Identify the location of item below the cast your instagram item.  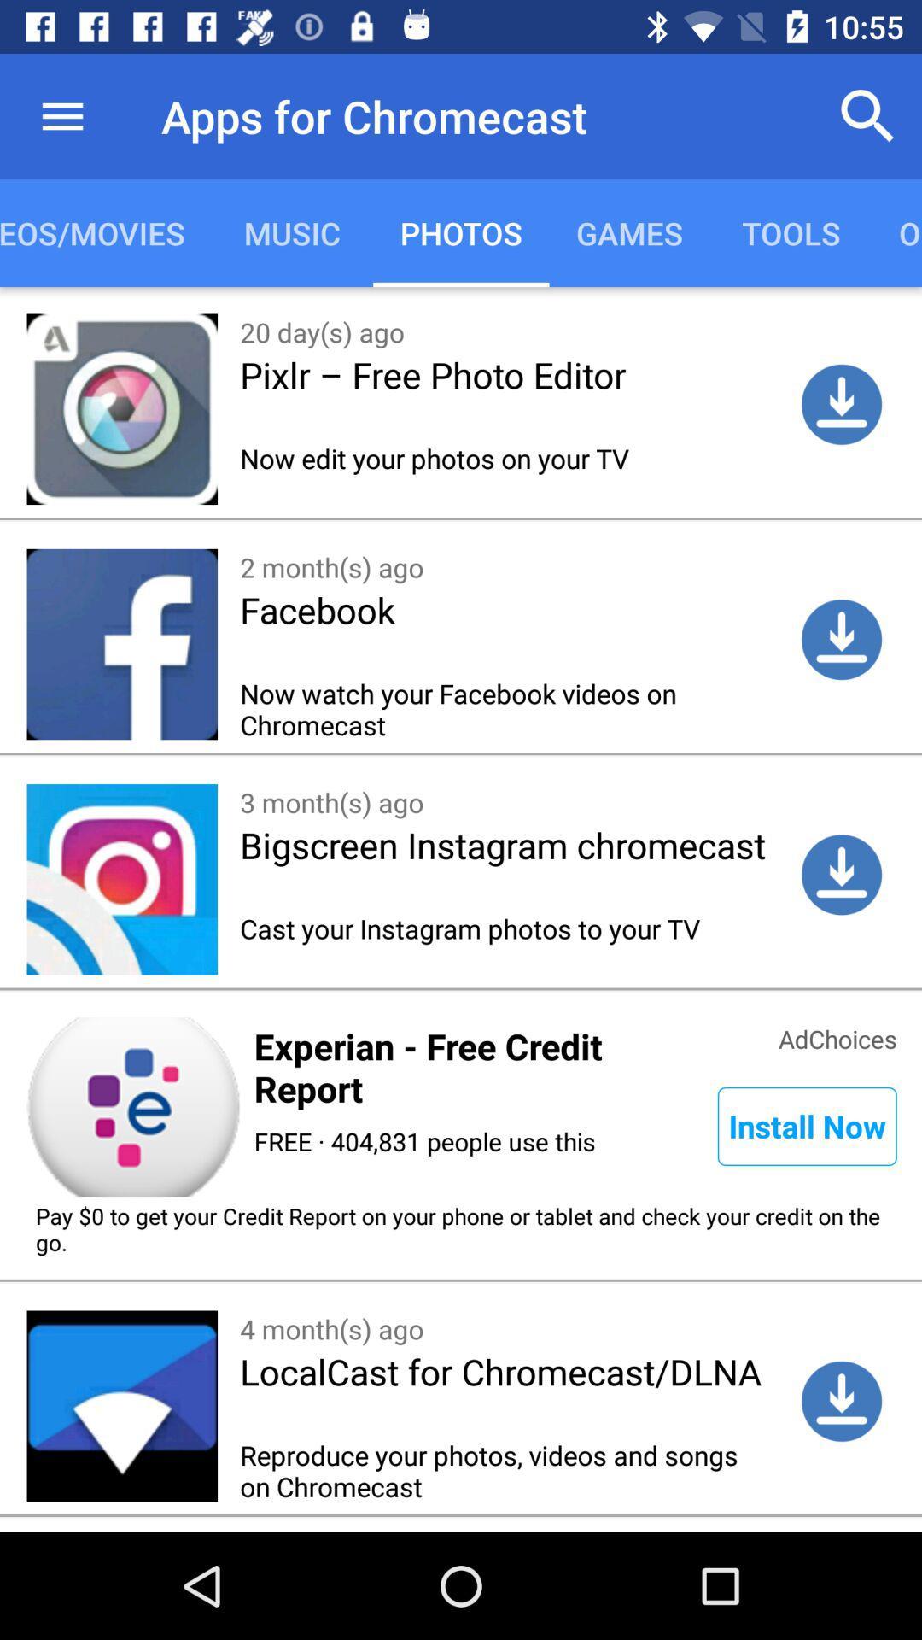
(837, 1036).